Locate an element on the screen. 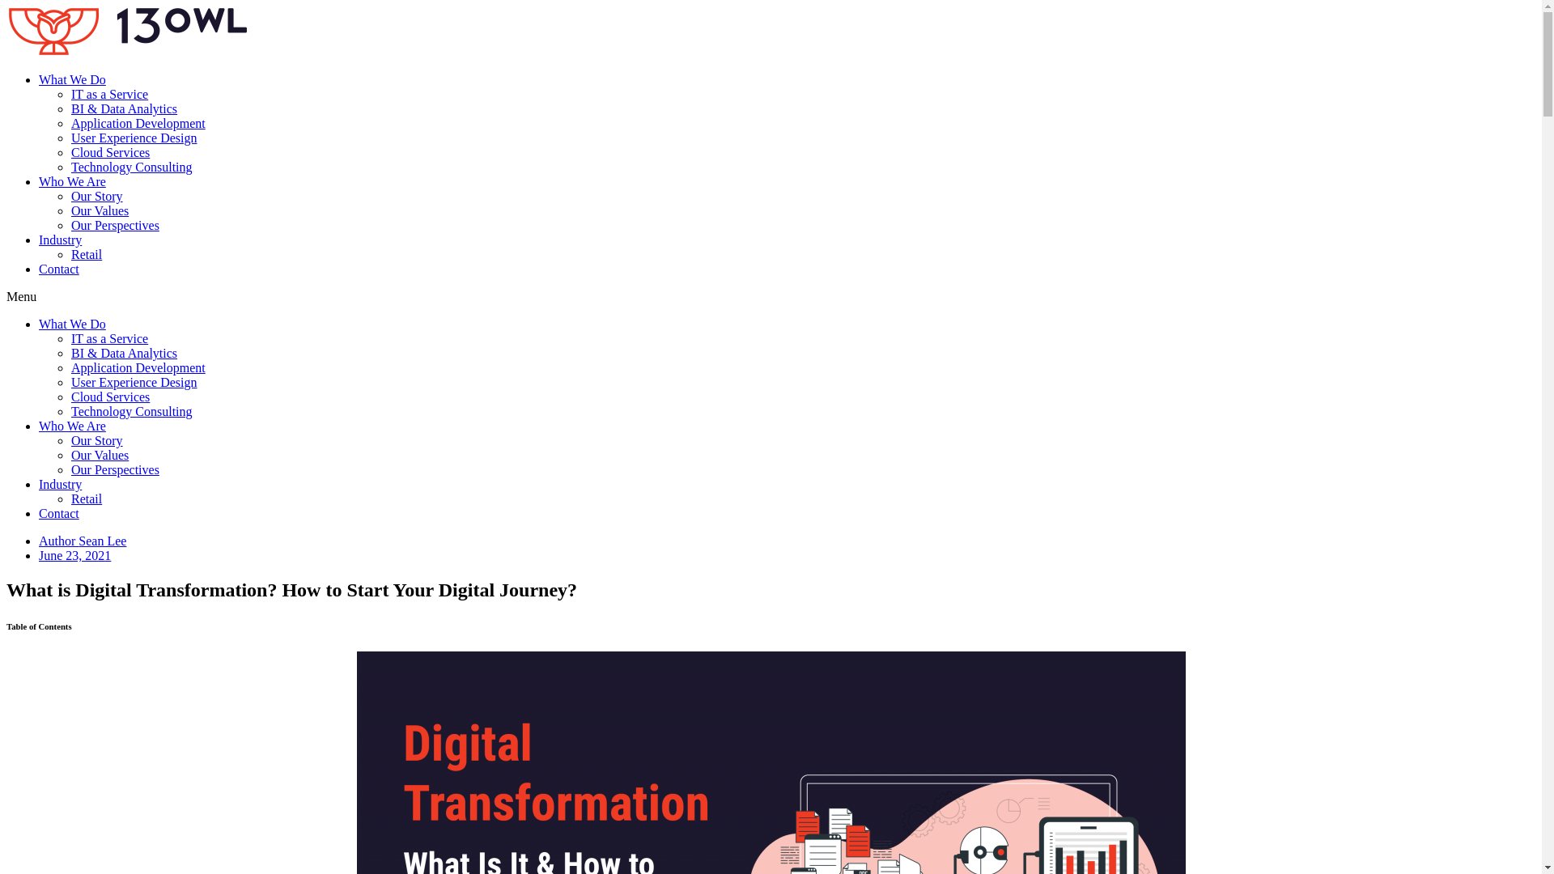 The image size is (1554, 874). 'Who We Are' is located at coordinates (71, 425).